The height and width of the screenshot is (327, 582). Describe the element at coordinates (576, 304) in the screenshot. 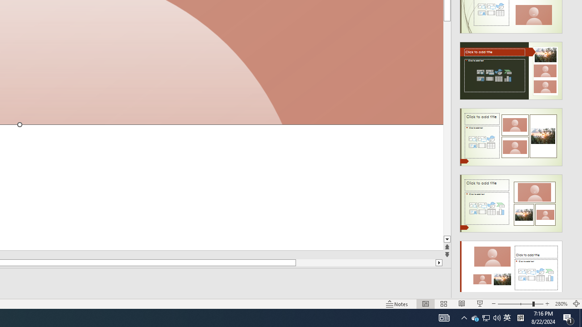

I see `'Zoom to Fit '` at that location.